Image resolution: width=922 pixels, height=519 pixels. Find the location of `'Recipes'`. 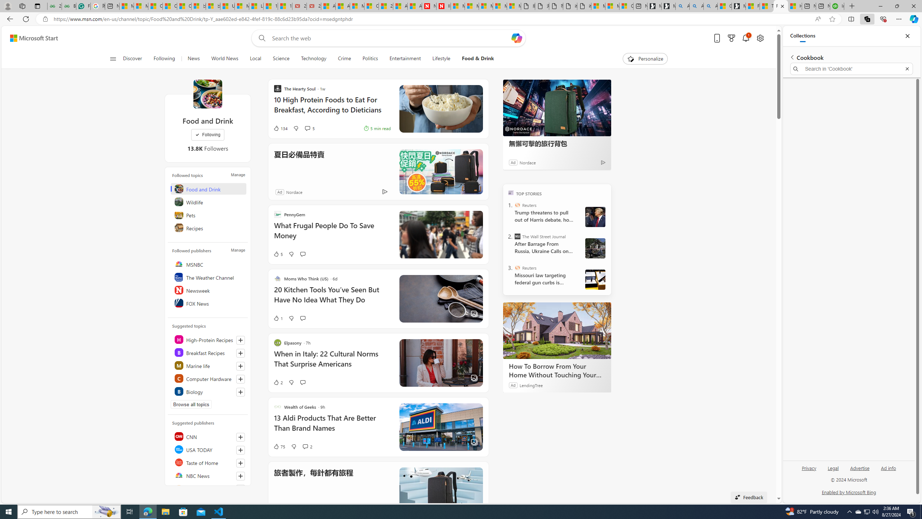

'Recipes' is located at coordinates (208, 227).